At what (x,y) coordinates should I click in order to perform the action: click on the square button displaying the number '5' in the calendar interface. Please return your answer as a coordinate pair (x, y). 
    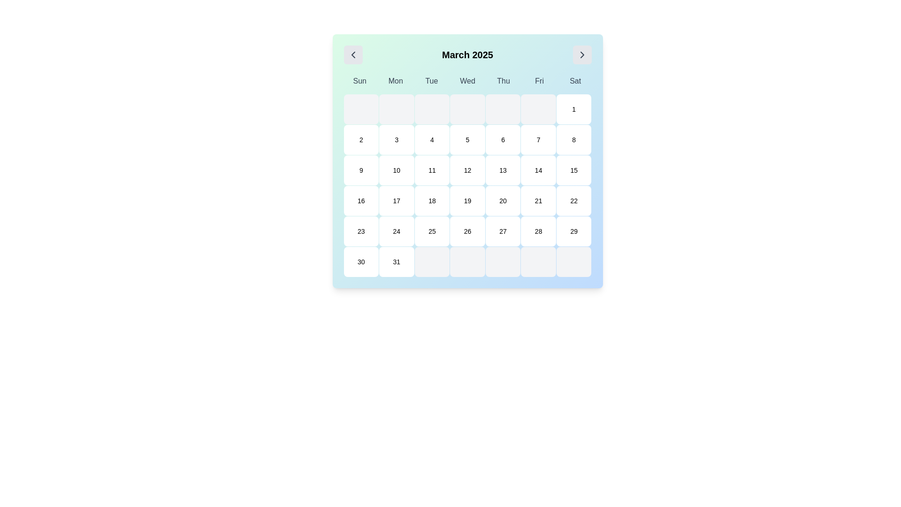
    Looking at the image, I should click on (467, 139).